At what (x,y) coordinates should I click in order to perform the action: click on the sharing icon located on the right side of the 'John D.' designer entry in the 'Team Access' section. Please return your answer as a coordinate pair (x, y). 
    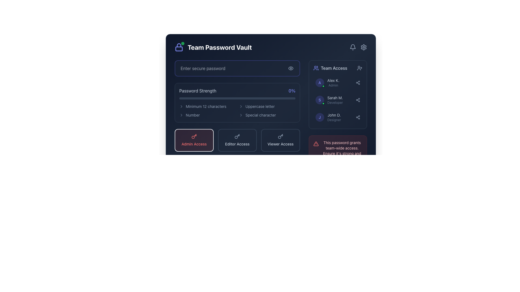
    Looking at the image, I should click on (358, 117).